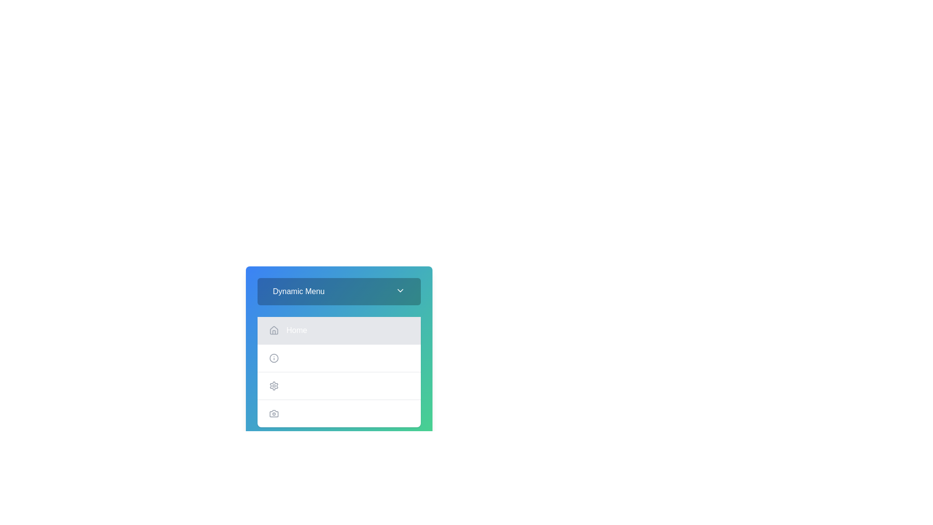  What do you see at coordinates (339, 342) in the screenshot?
I see `the Navigation option row containing the 'Home' icon and text, which is the first row in the drop-down menu beneath the 'Dynamic Menu' header` at bounding box center [339, 342].